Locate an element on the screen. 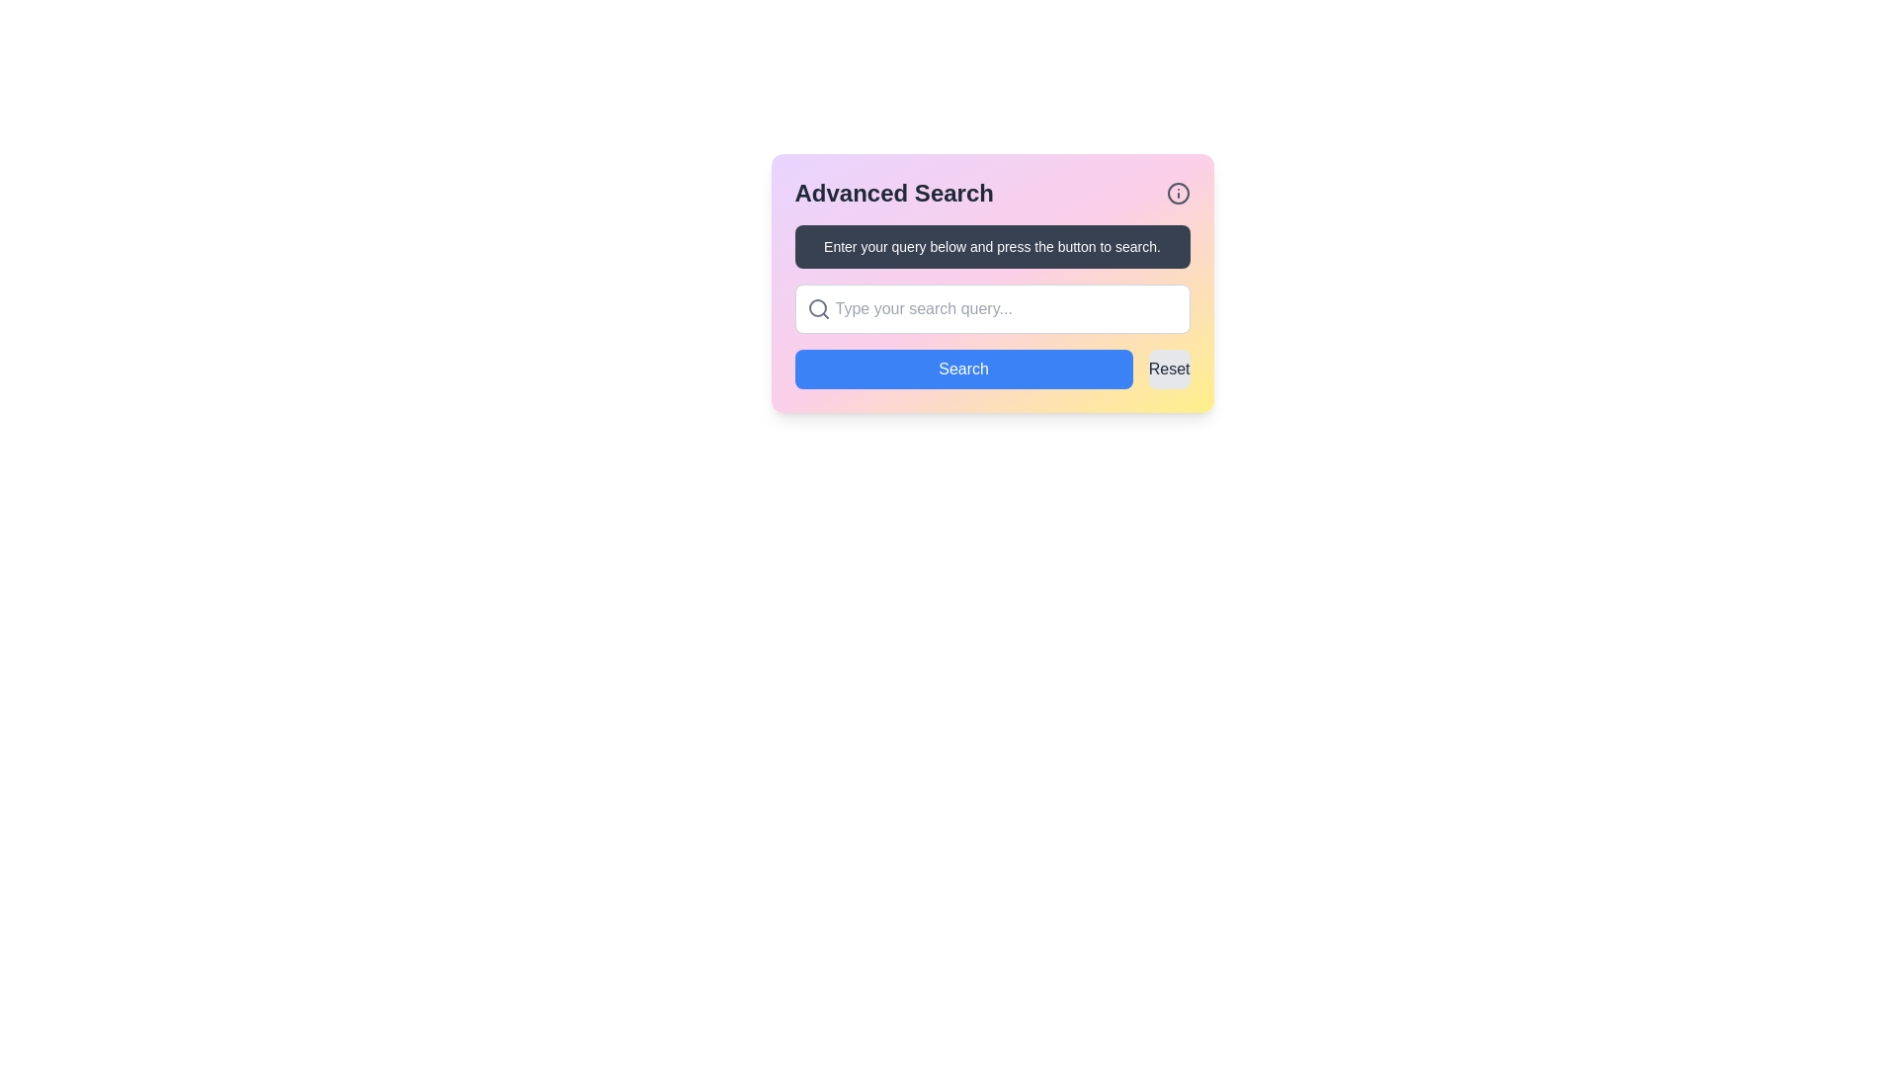 Image resolution: width=1897 pixels, height=1067 pixels. the SVG circle located in the top-right corner of the main application's search panel, which is part of an informational or decorative icon is located at coordinates (1178, 194).